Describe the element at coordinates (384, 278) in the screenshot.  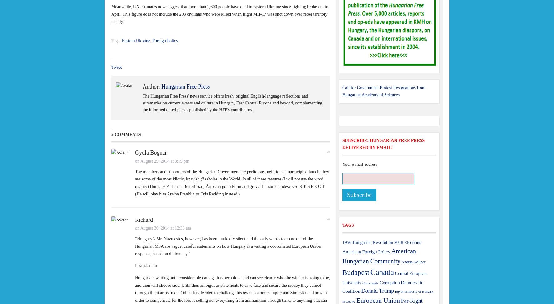
I see `'Central European University'` at that location.